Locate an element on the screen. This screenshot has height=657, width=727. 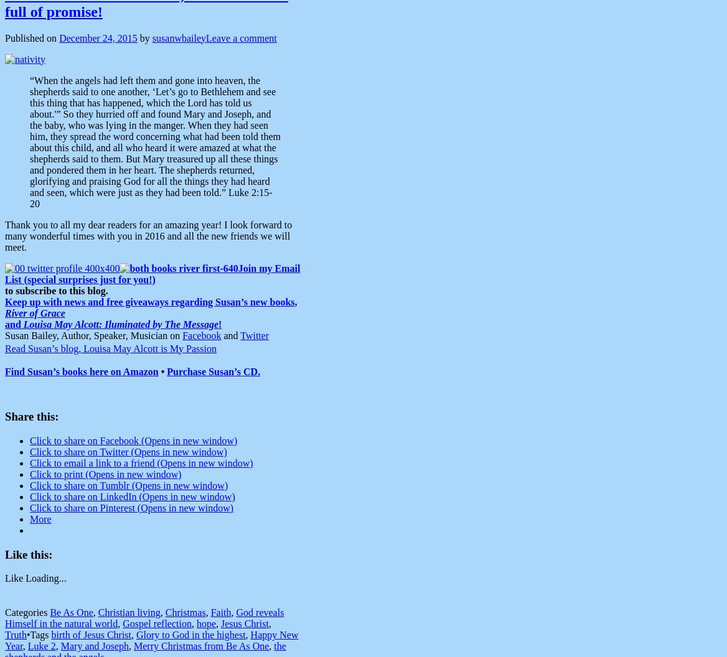
'susanwbailey' is located at coordinates (178, 37).